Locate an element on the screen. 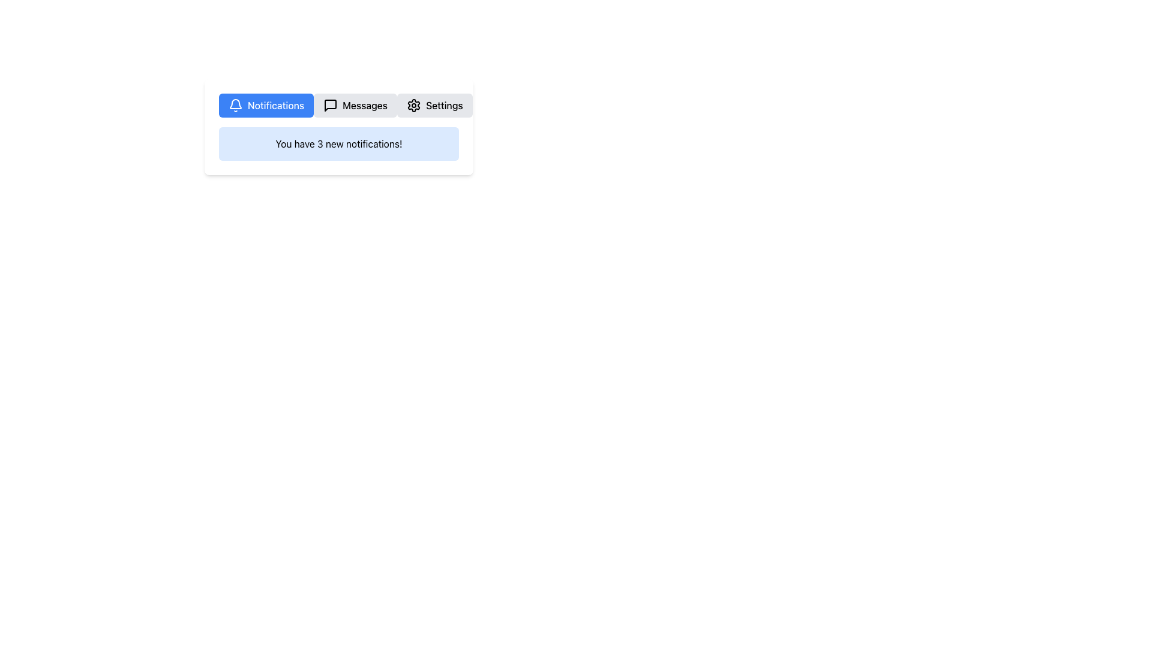 This screenshot has width=1152, height=648. the informational notification box with a light blue background that contains the text 'You have 3 new notifications!' is located at coordinates (338, 143).